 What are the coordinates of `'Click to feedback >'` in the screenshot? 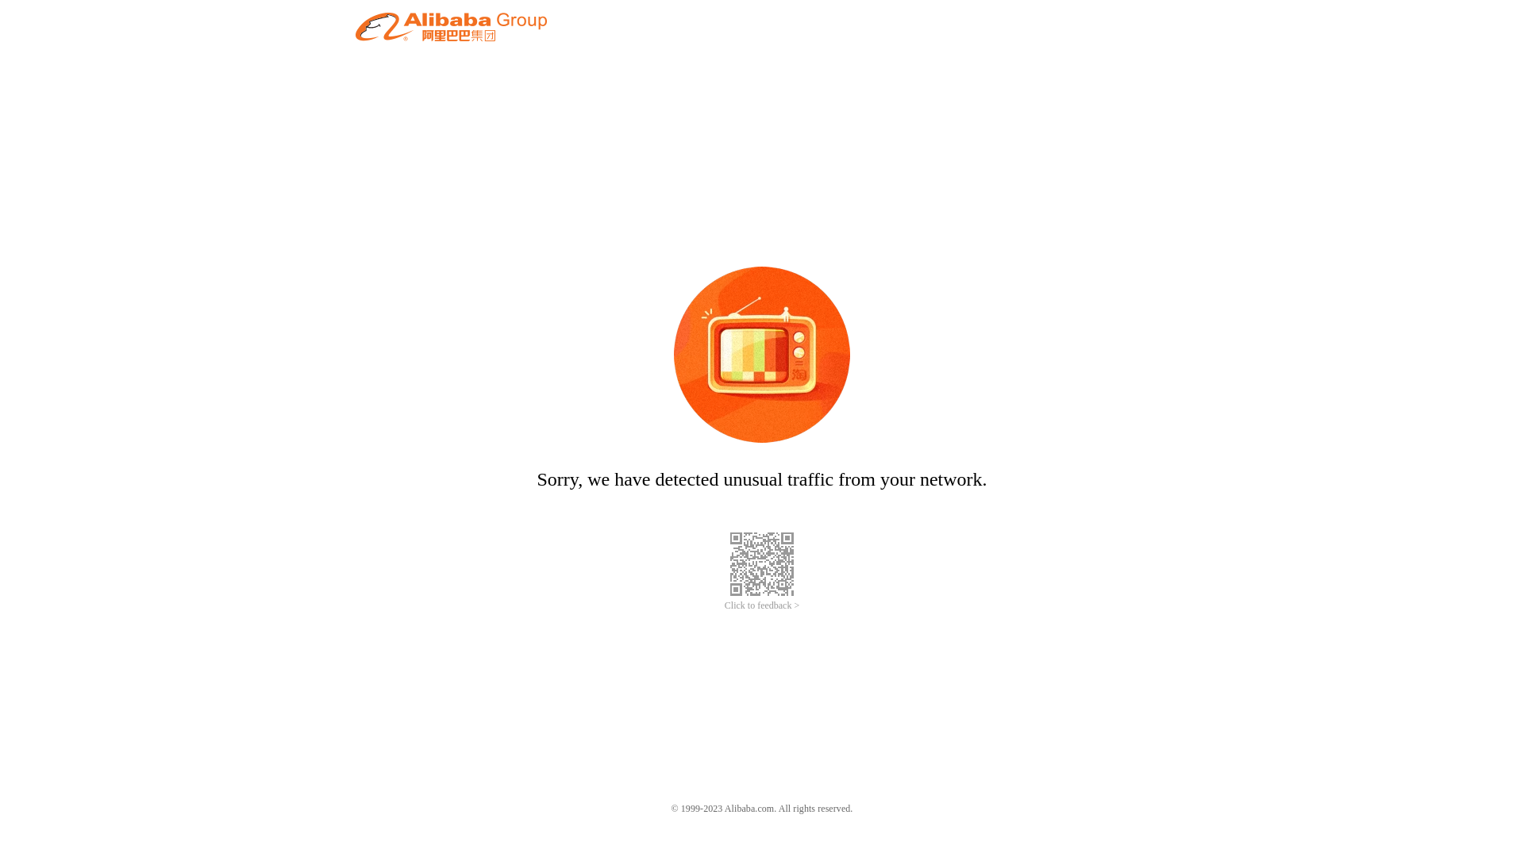 It's located at (723, 605).